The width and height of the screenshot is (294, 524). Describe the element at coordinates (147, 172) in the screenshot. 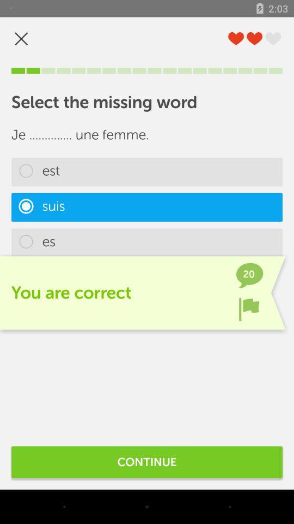

I see `est` at that location.